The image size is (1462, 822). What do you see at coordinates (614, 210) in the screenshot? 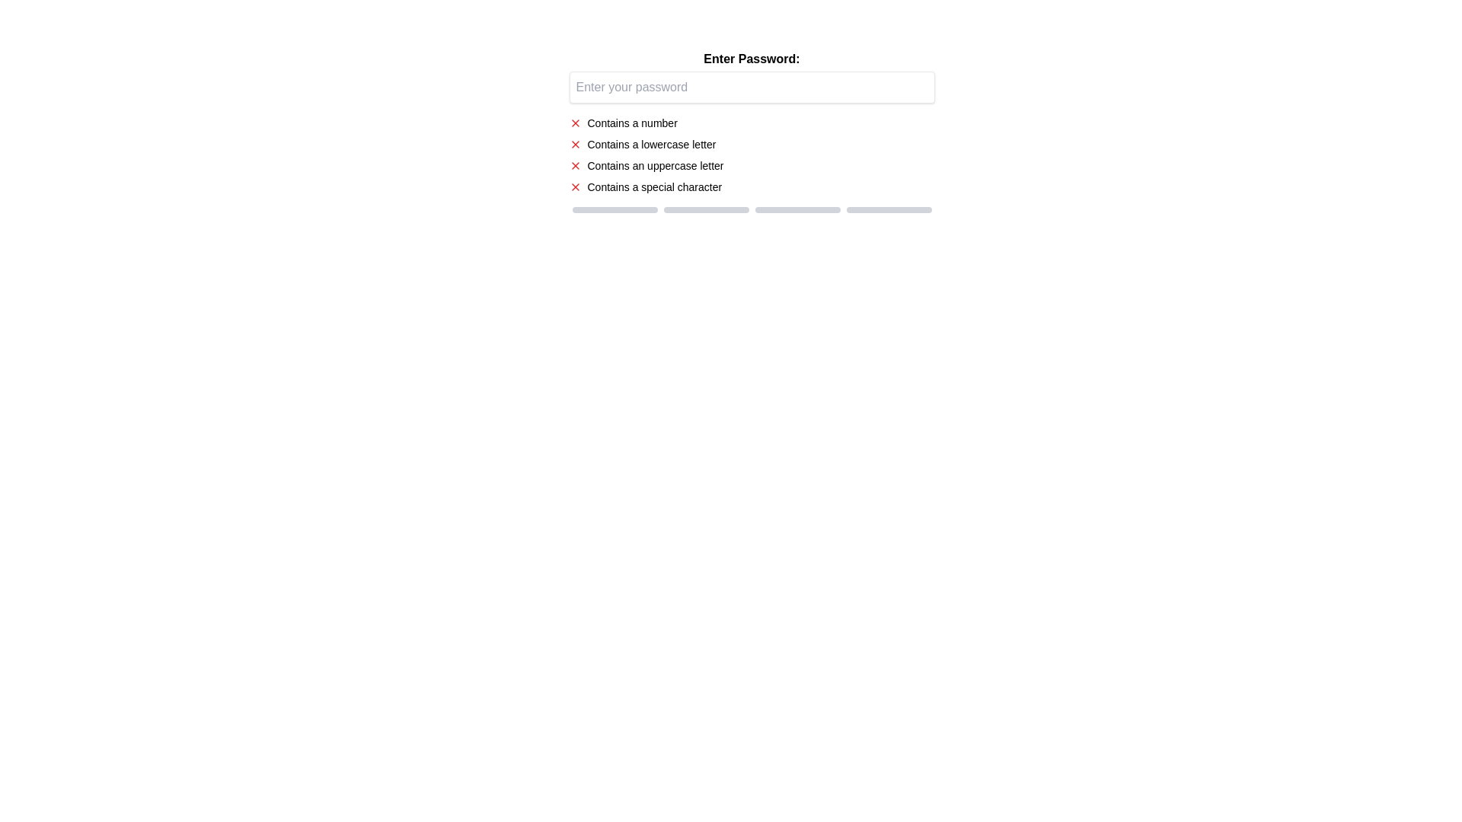
I see `the first progress bar at the bottom of the interface, which is a small horizontal rectangular bar with a light gray color, positioned leftmost among four similar bars` at bounding box center [614, 210].